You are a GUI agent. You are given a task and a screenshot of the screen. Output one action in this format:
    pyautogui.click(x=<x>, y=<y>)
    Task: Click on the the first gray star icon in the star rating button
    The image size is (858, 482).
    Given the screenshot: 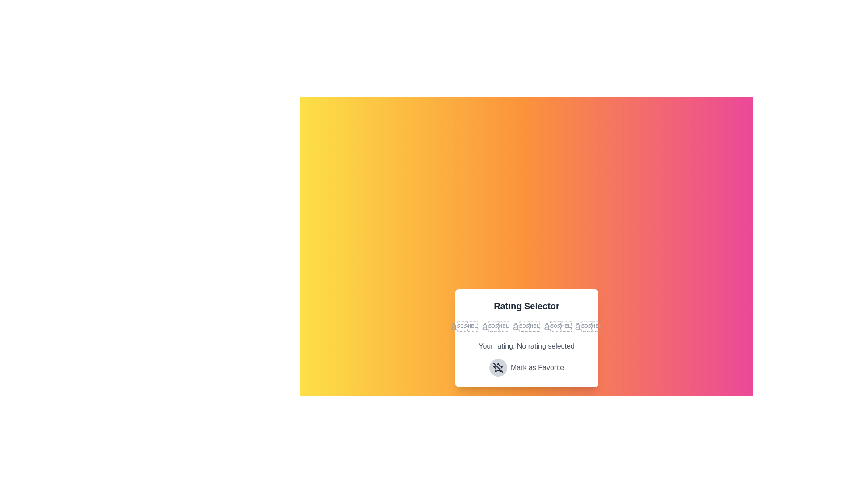 What is the action you would take?
    pyautogui.click(x=464, y=327)
    